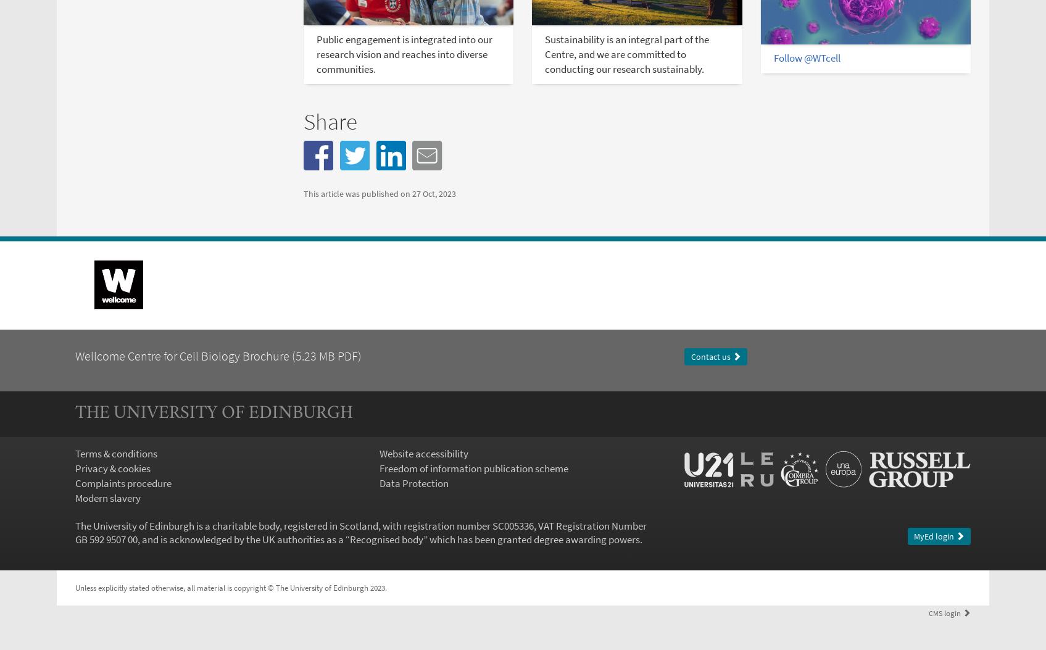 The image size is (1046, 650). Describe the element at coordinates (422, 539) in the screenshot. I see `'” which has been
            granted degree awarding powers.'` at that location.